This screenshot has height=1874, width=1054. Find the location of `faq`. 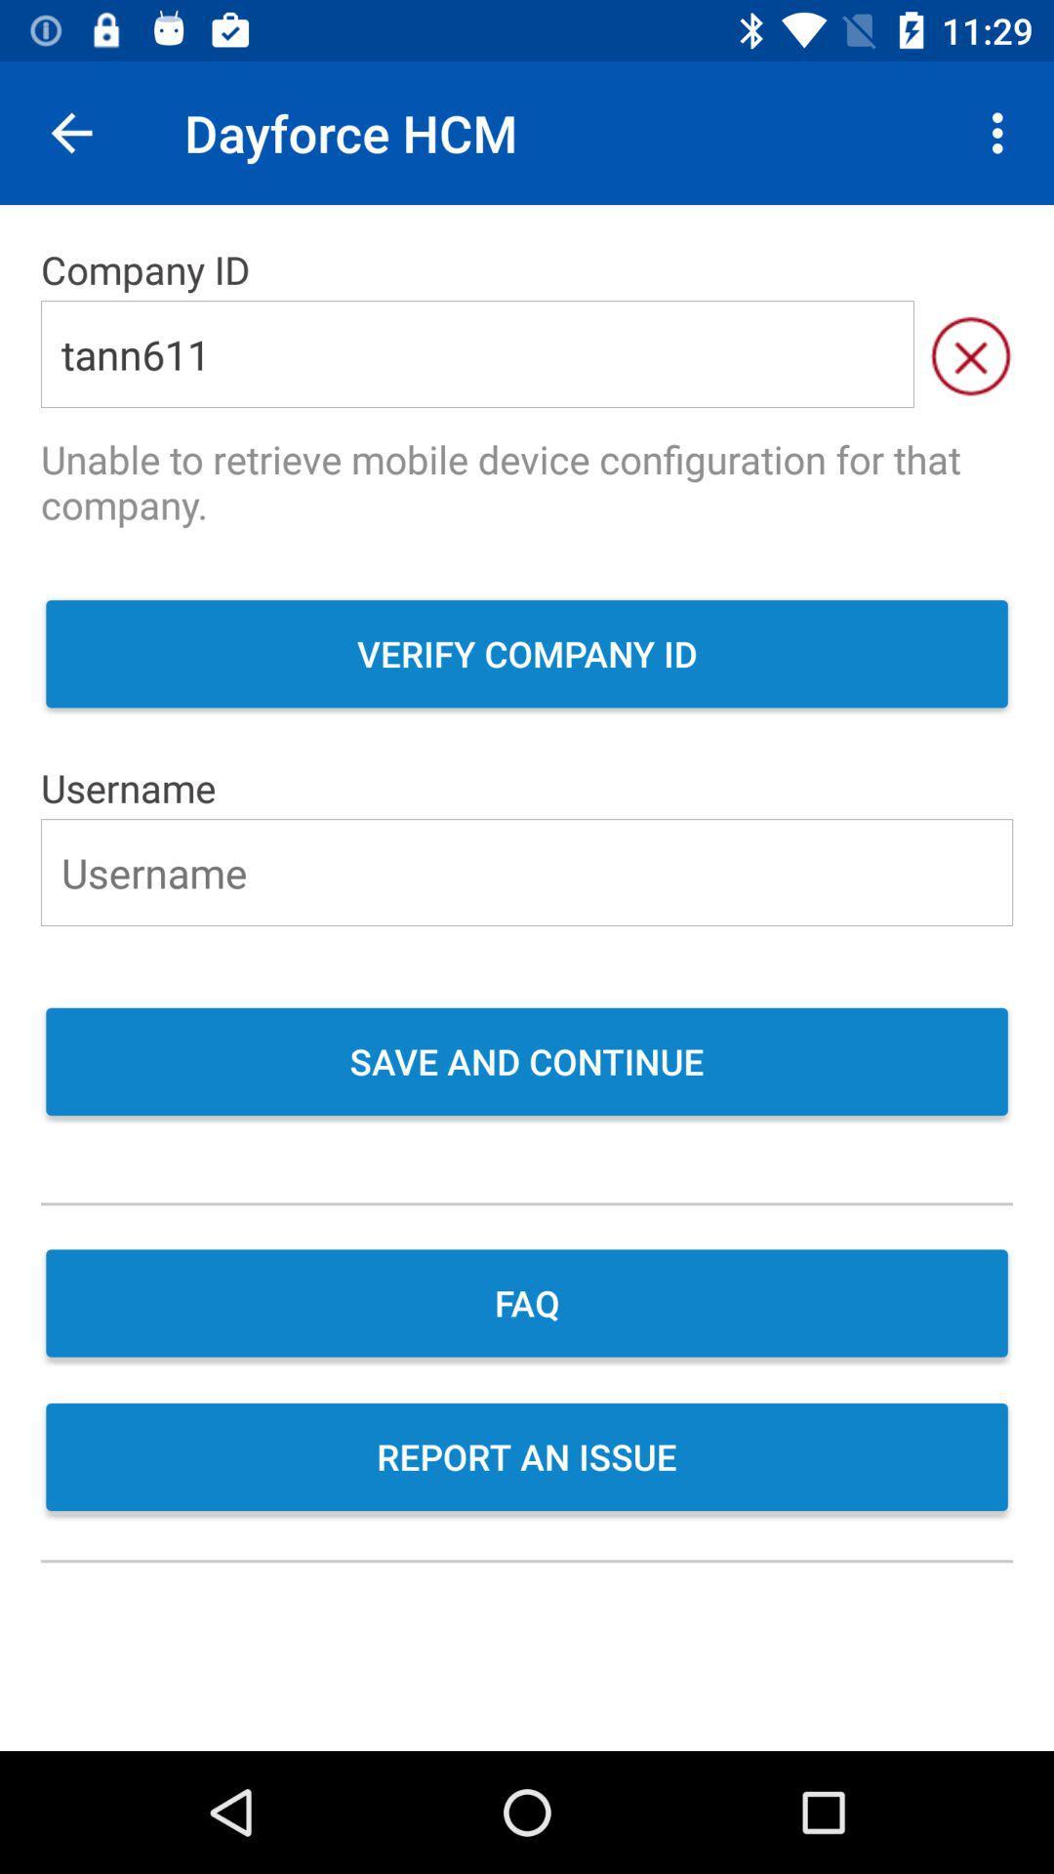

faq is located at coordinates (527, 1306).